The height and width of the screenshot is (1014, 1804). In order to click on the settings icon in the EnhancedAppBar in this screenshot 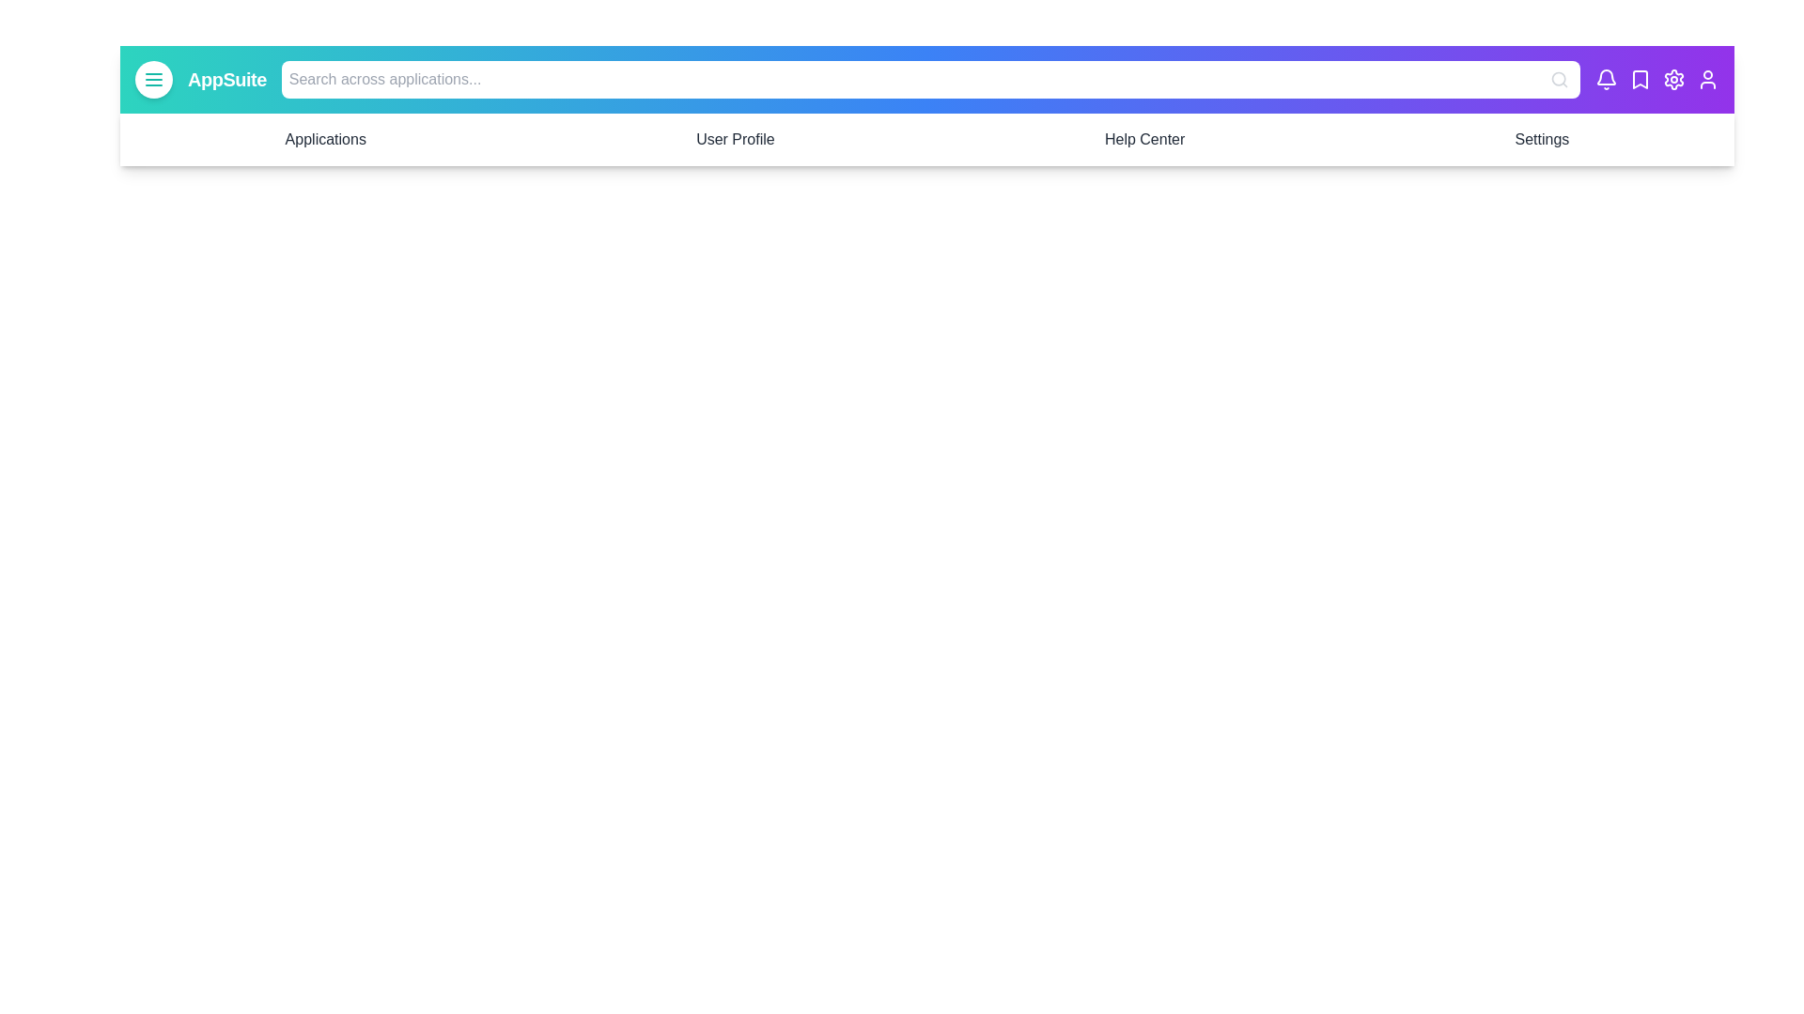, I will do `click(1673, 78)`.